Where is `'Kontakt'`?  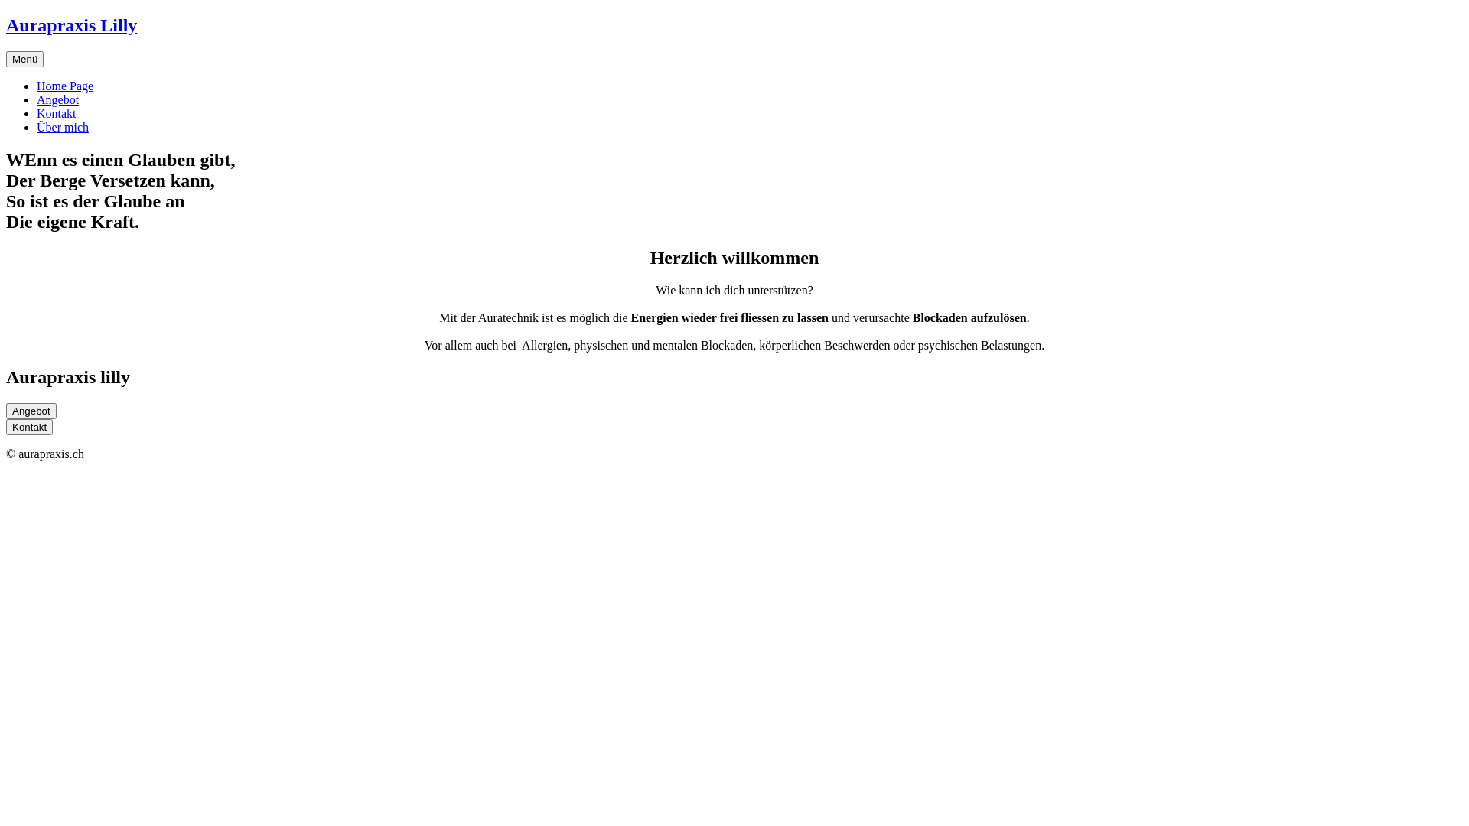 'Kontakt' is located at coordinates (29, 427).